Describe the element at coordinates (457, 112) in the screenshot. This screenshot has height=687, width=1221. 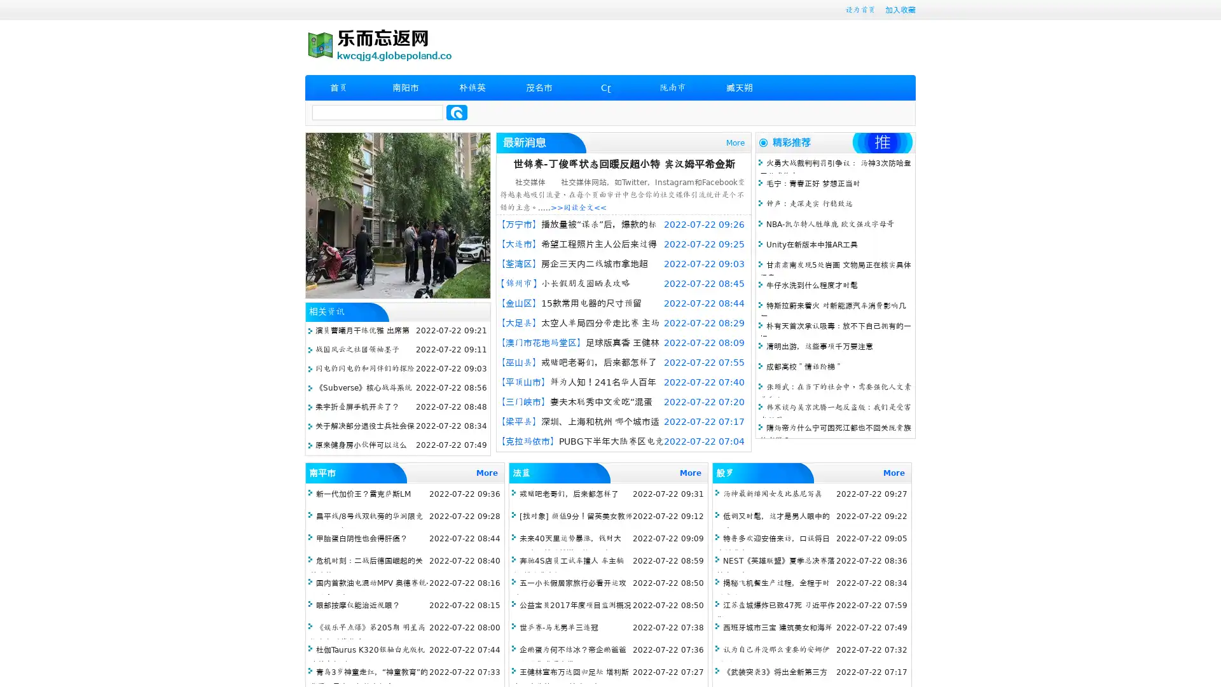
I see `Search` at that location.